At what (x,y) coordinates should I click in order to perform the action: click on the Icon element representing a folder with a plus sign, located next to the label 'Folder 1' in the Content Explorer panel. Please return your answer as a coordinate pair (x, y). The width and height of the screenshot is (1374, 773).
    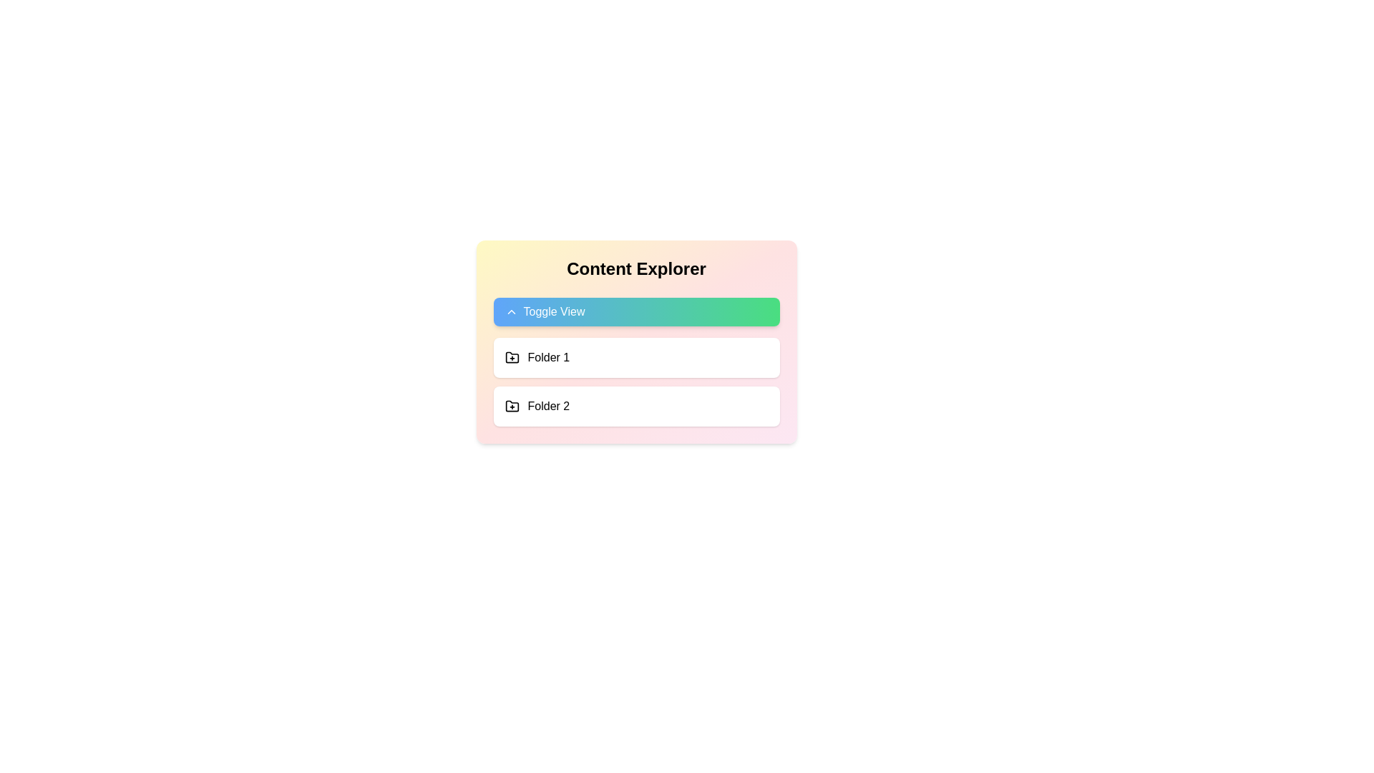
    Looking at the image, I should click on (512, 356).